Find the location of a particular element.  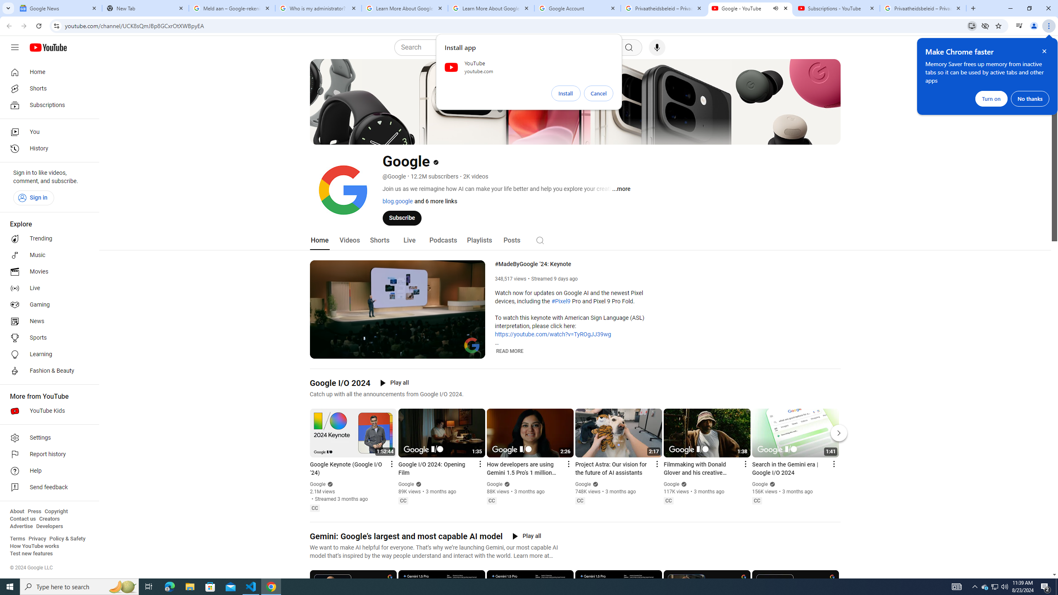

'Send feedback' is located at coordinates (47, 487).